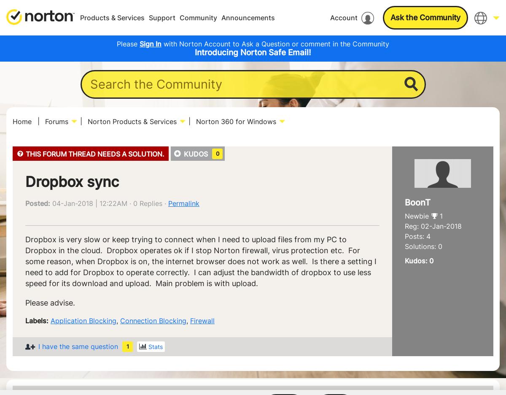 This screenshot has width=506, height=395. What do you see at coordinates (438, 123) in the screenshot?
I see `'Português'` at bounding box center [438, 123].